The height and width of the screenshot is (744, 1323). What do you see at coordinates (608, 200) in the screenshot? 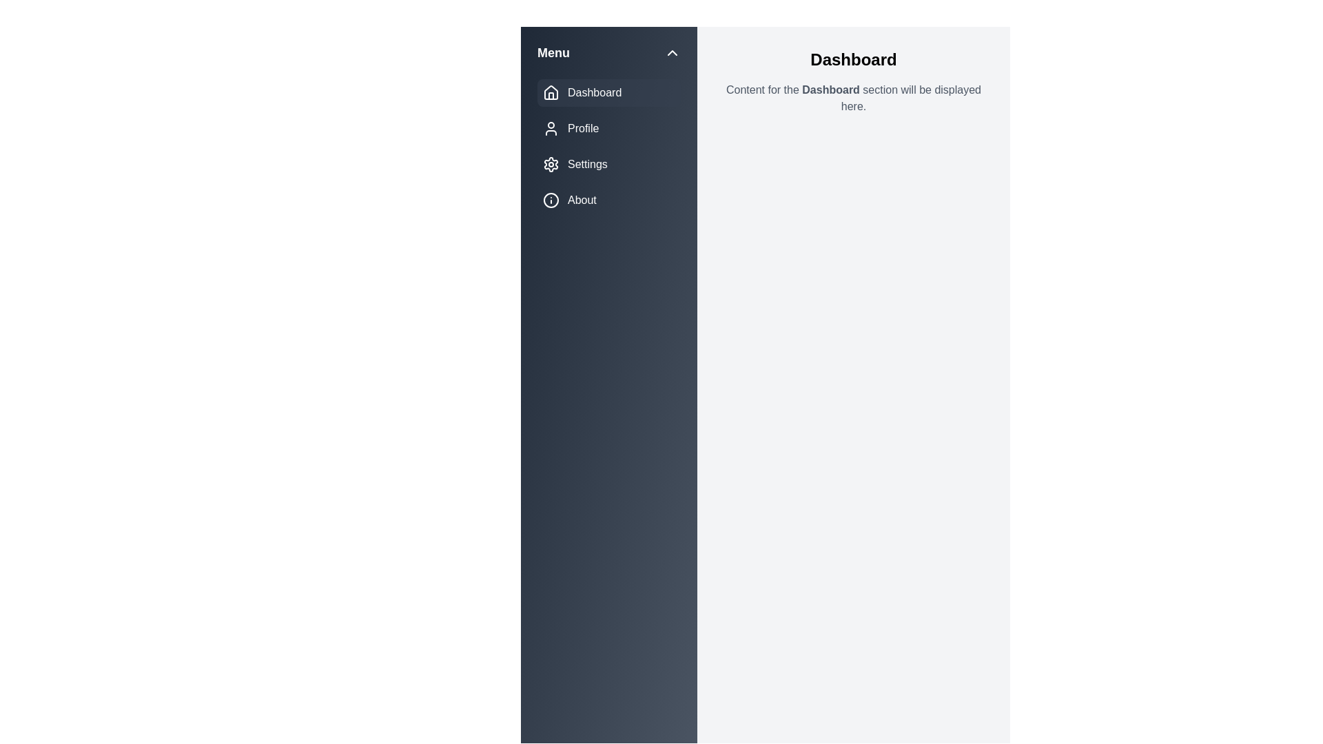
I see `the 'About' button, which is the fourth item in the sidebar menu` at bounding box center [608, 200].